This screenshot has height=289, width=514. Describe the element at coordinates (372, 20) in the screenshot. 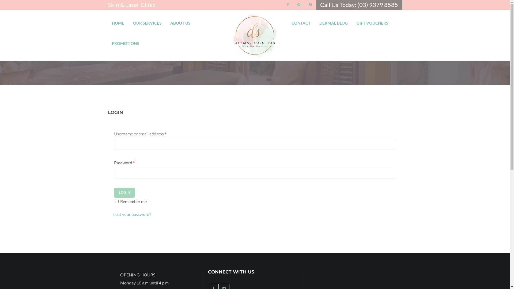

I see `'GIFT VOUCHERS'` at that location.